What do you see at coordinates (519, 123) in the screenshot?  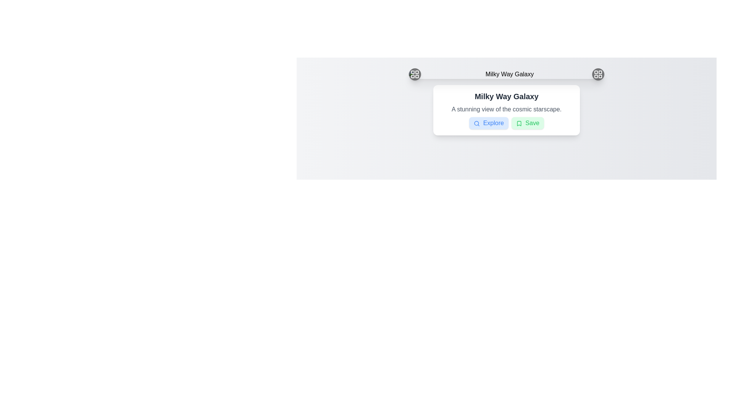 I see `the green bookmark icon located within the 'Save' button` at bounding box center [519, 123].